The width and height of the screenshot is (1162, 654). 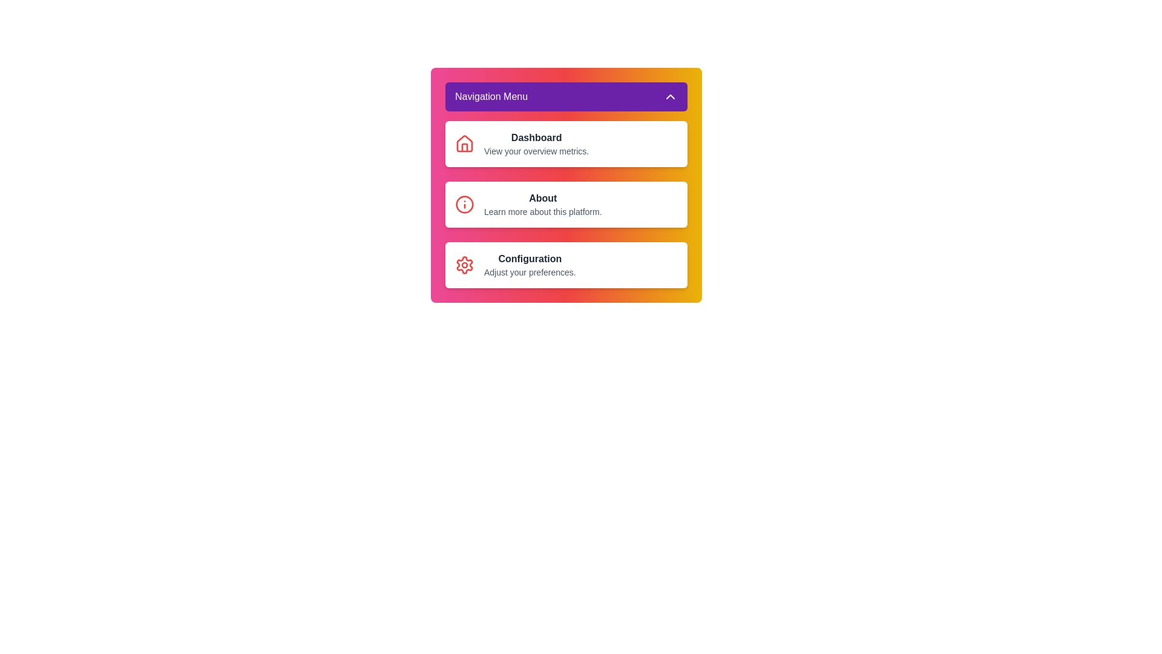 I want to click on the Dashboard menu item, so click(x=566, y=144).